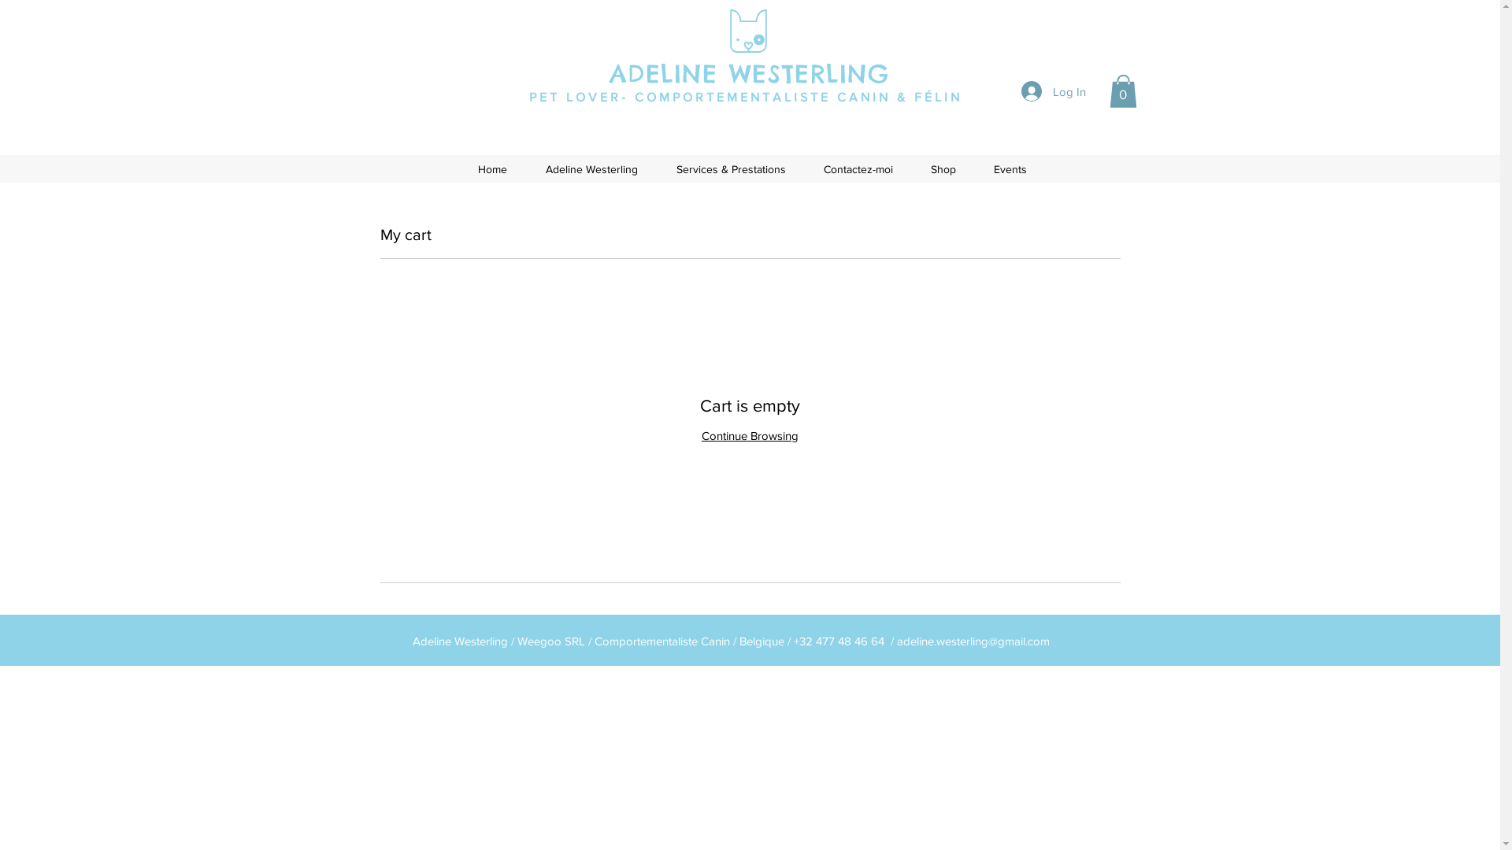  Describe the element at coordinates (729, 169) in the screenshot. I see `'Services & Prestations'` at that location.